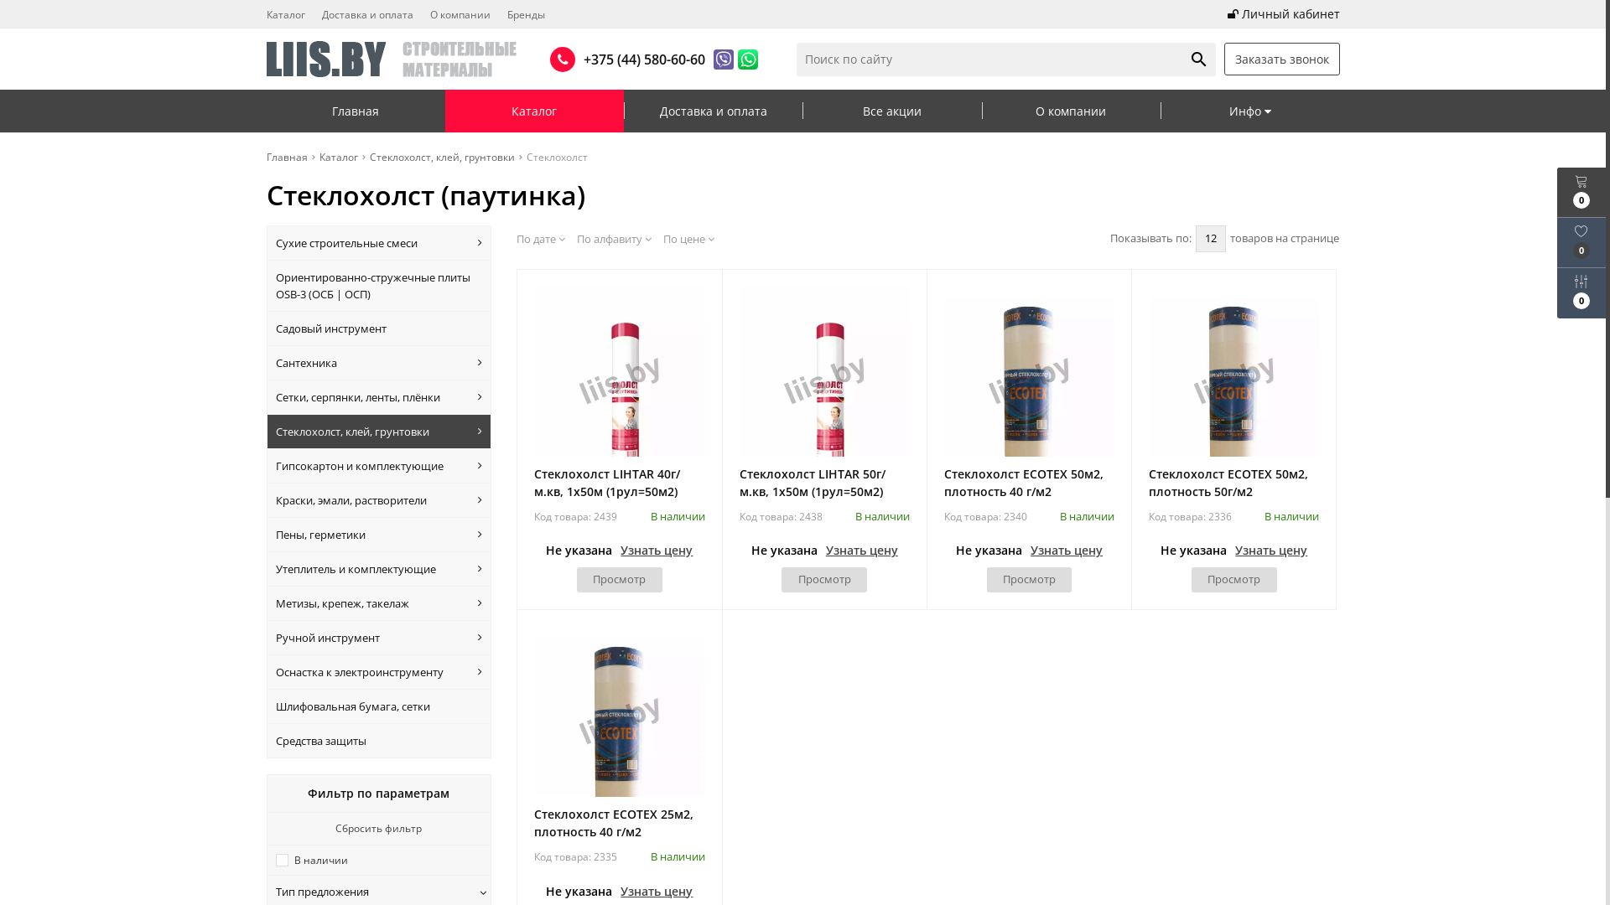  Describe the element at coordinates (639, 57) in the screenshot. I see `'+375 (44) 580-60-60'` at that location.